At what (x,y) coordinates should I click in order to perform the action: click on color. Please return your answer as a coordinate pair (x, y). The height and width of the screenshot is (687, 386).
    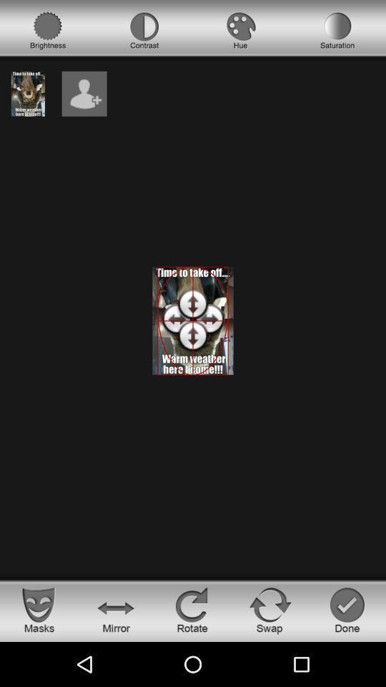
    Looking at the image, I should click on (241, 30).